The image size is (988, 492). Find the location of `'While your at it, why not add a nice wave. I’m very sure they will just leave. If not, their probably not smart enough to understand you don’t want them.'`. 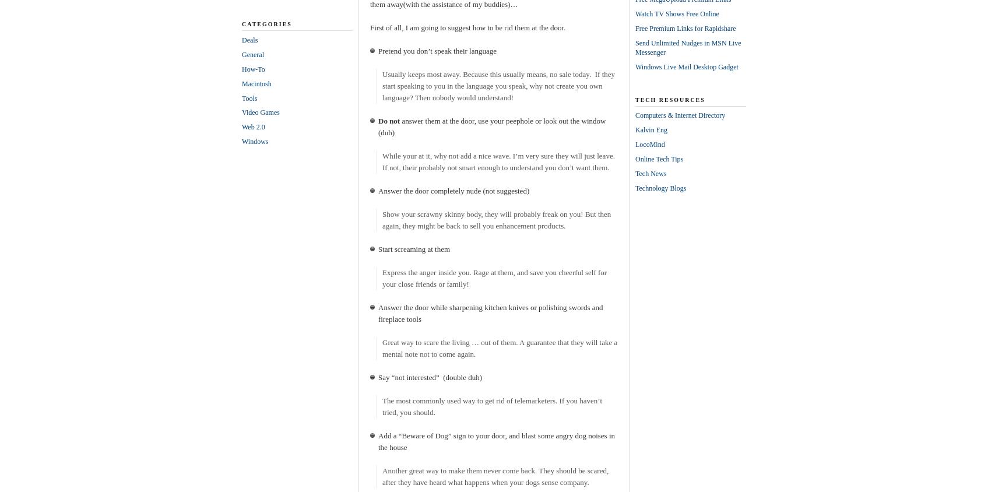

'While your at it, why not add a nice wave. I’m very sure they will just leave. If not, their probably not smart enough to understand you don’t want them.' is located at coordinates (497, 161).